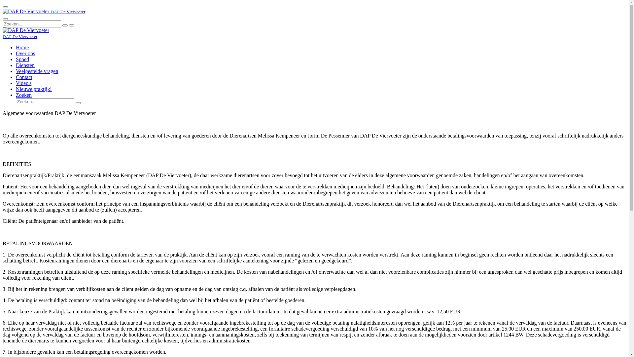  I want to click on 'Home', so click(22, 47).